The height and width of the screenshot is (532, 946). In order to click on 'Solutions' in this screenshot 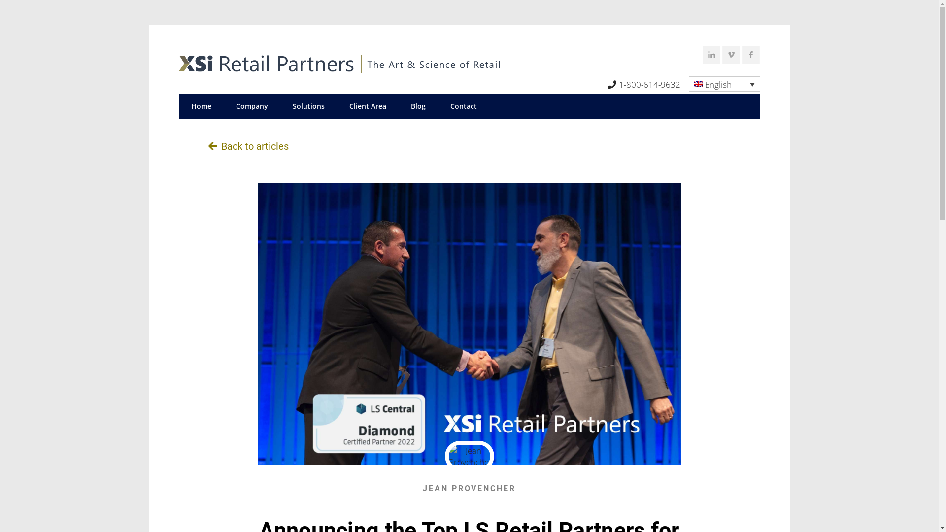, I will do `click(279, 106)`.